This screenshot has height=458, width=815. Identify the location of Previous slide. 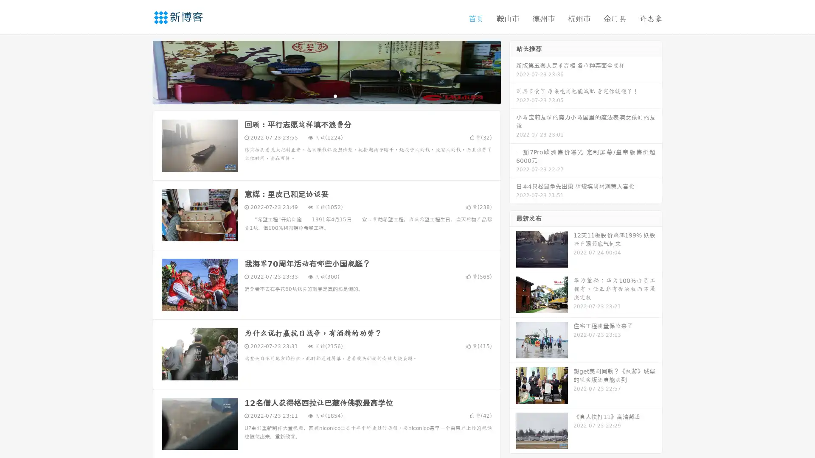
(140, 71).